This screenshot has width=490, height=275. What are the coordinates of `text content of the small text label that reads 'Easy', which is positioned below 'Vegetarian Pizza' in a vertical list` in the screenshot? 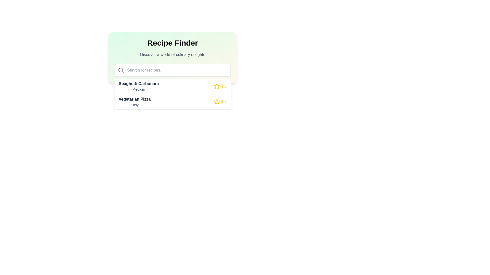 It's located at (134, 105).